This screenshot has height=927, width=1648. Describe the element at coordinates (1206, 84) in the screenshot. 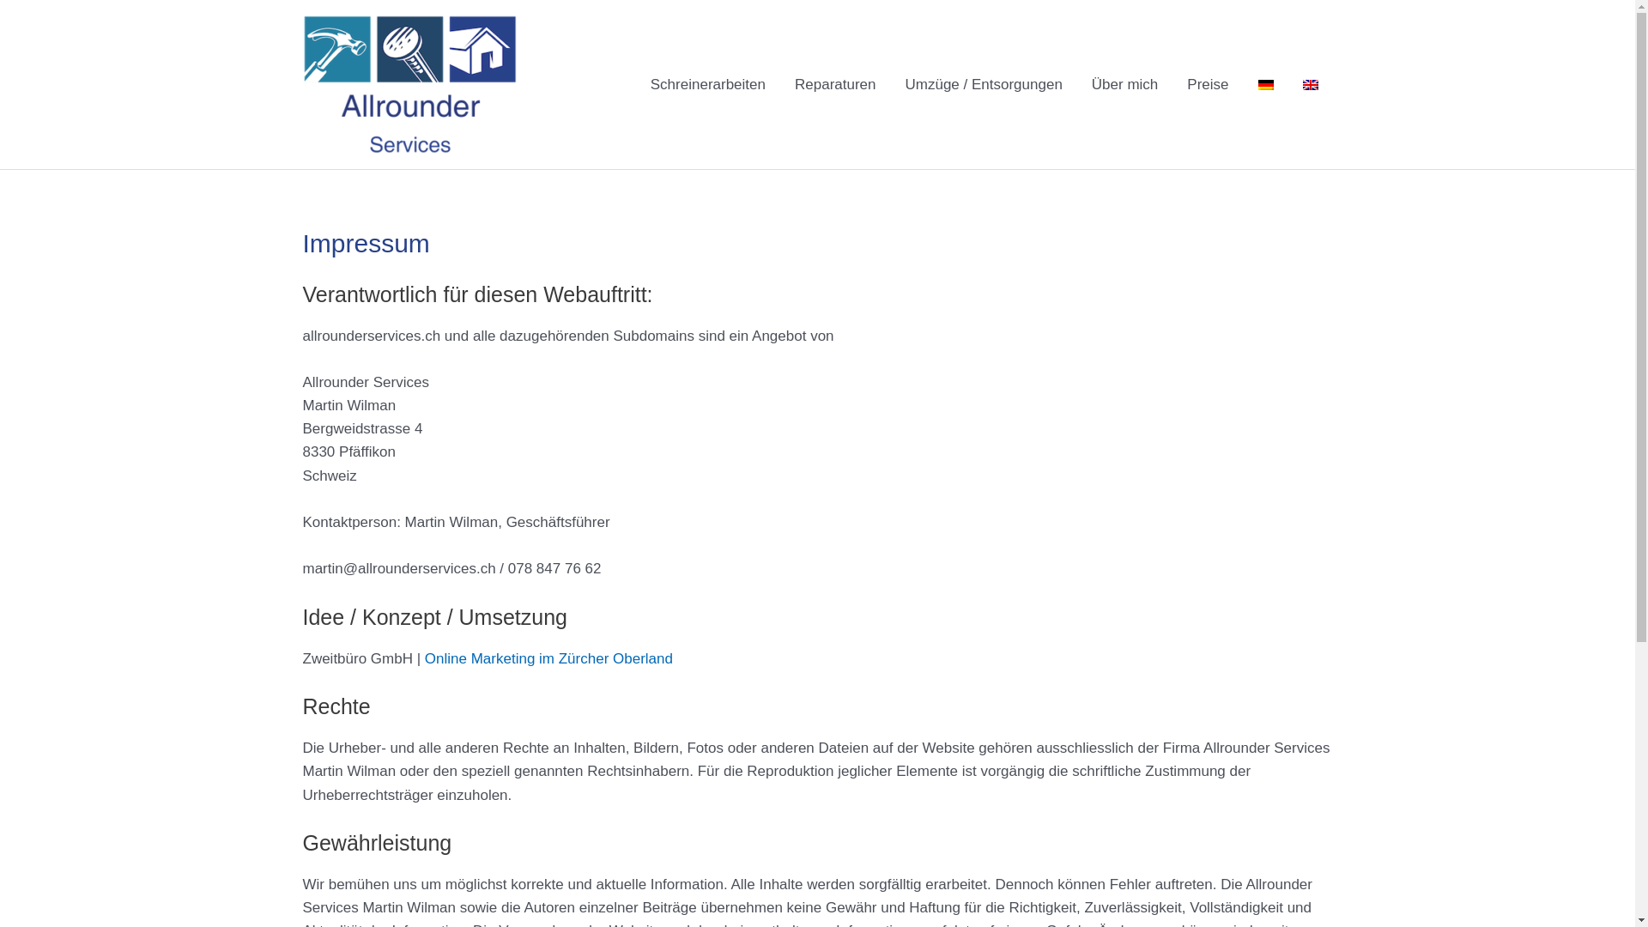

I see `'Preise'` at that location.